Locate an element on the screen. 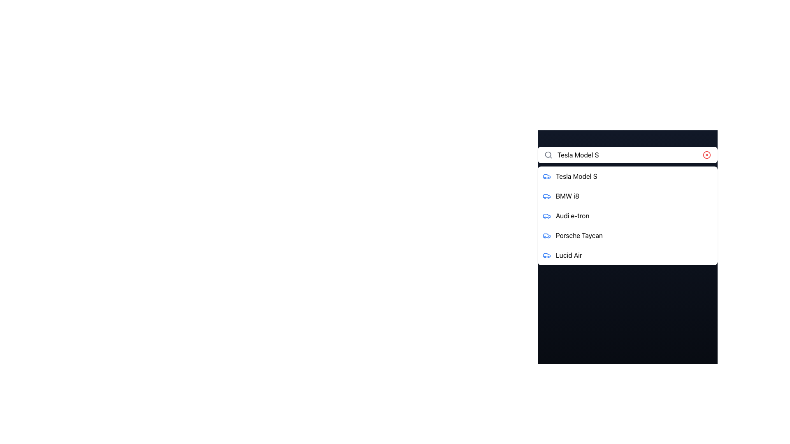 The height and width of the screenshot is (444, 790). to select the 'BMW i8' option from the dropdown list, which is the second item following 'Tesla Model S' is located at coordinates (627, 196).